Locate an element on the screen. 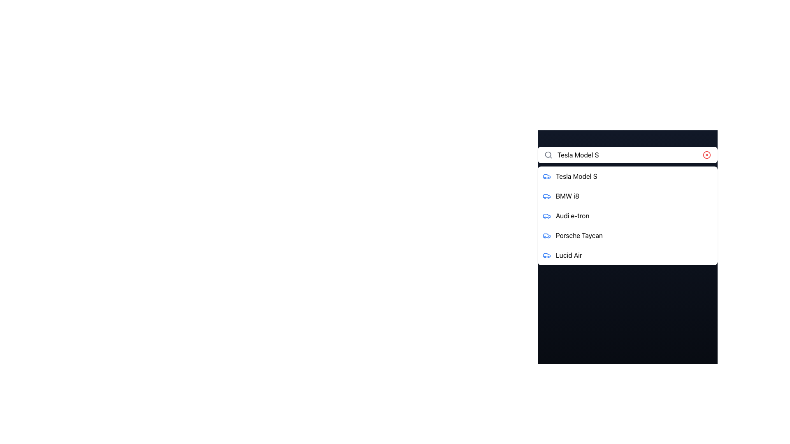 The height and width of the screenshot is (444, 790). to select the 'BMW i8' option from the dropdown list, which is the second item following 'Tesla Model S' is located at coordinates (627, 196).